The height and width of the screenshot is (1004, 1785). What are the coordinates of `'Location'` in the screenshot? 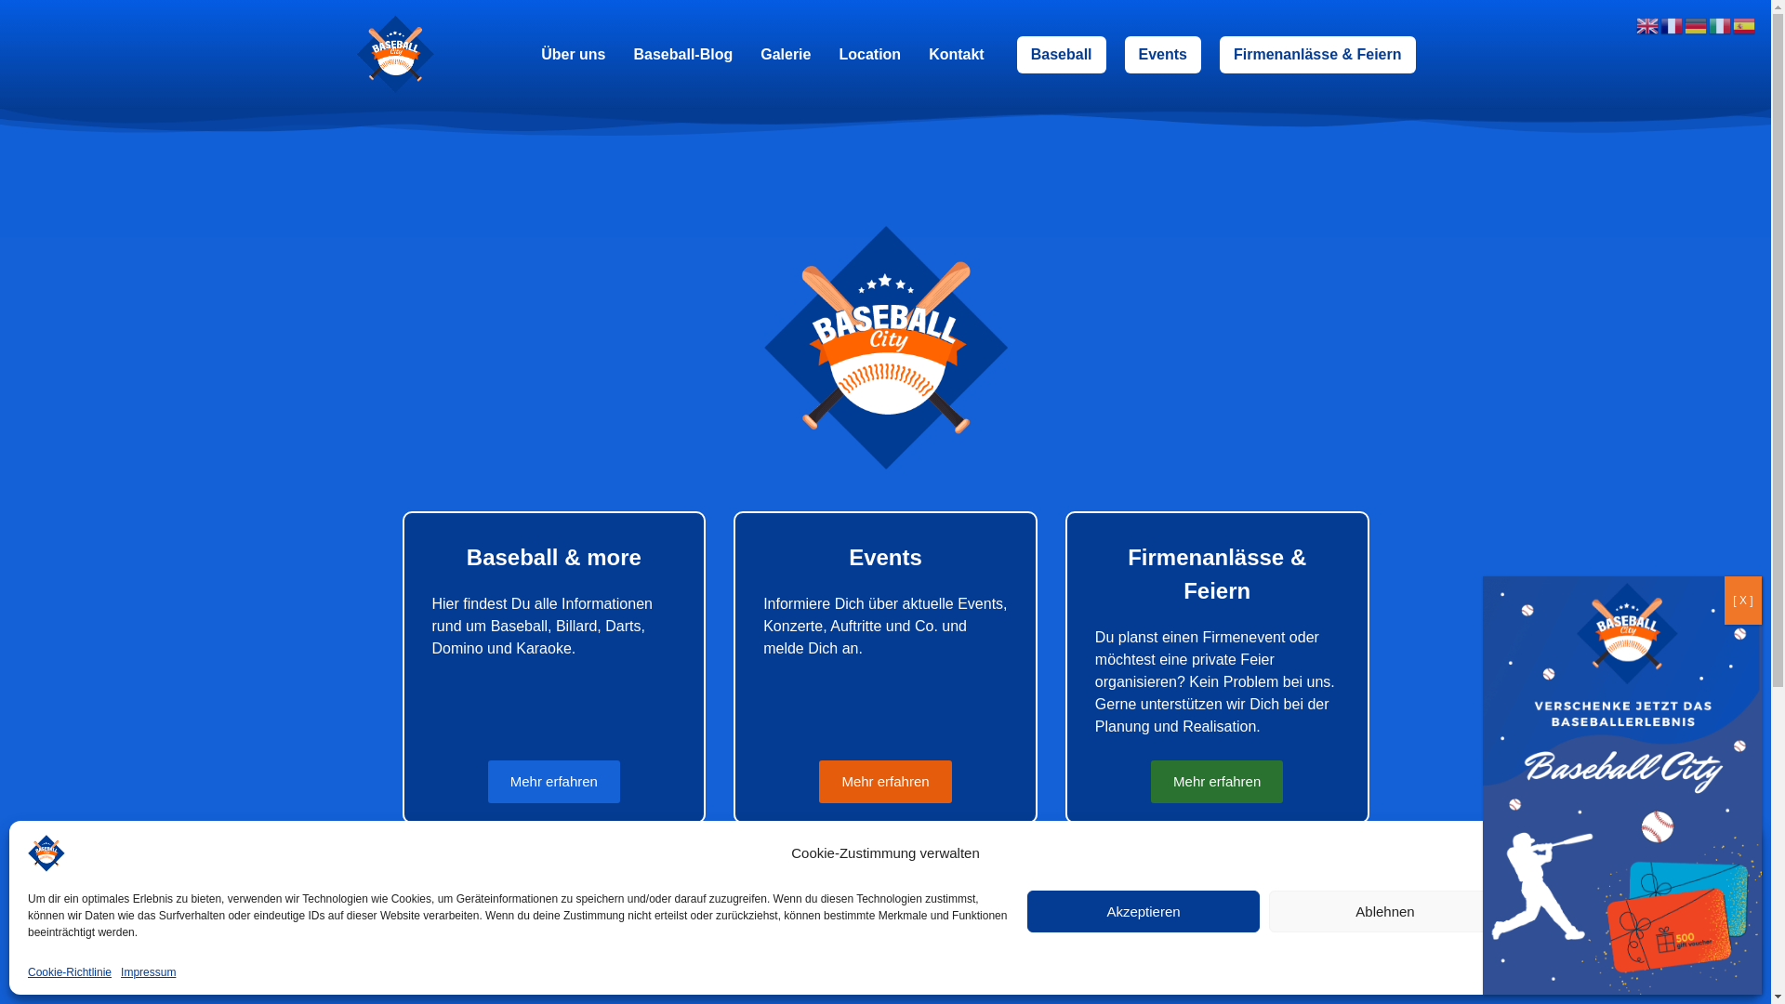 It's located at (868, 52).